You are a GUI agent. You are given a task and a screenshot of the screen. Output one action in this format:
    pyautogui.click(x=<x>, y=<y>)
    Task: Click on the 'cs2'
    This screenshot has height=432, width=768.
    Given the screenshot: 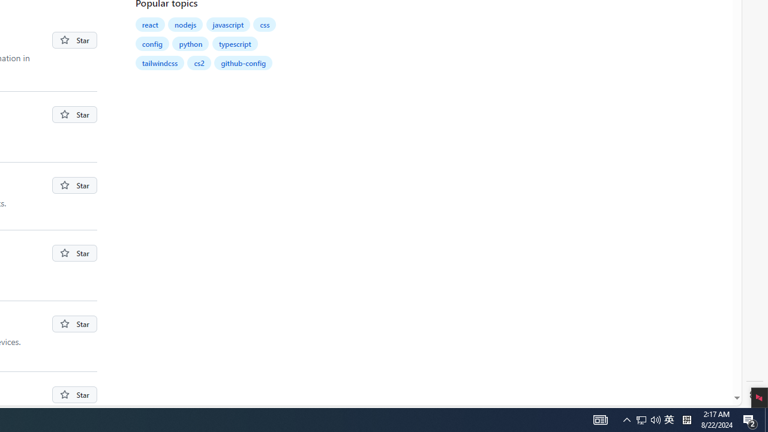 What is the action you would take?
    pyautogui.click(x=200, y=63)
    